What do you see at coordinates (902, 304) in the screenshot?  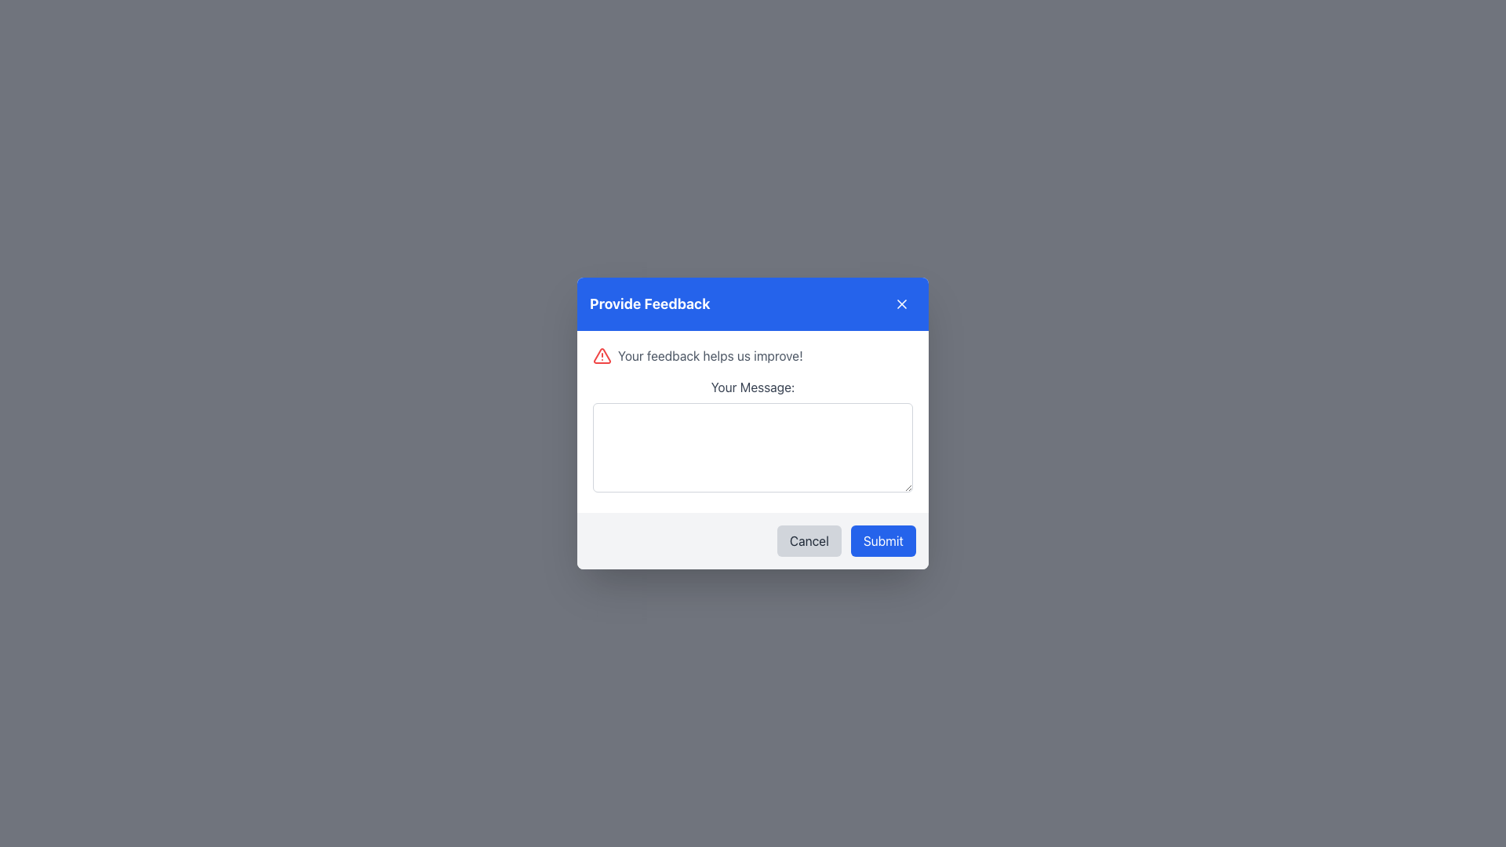 I see `the small cross (X) icon button with a blue background in the top-right corner of the header bar labeled 'Provide Feedback'` at bounding box center [902, 304].